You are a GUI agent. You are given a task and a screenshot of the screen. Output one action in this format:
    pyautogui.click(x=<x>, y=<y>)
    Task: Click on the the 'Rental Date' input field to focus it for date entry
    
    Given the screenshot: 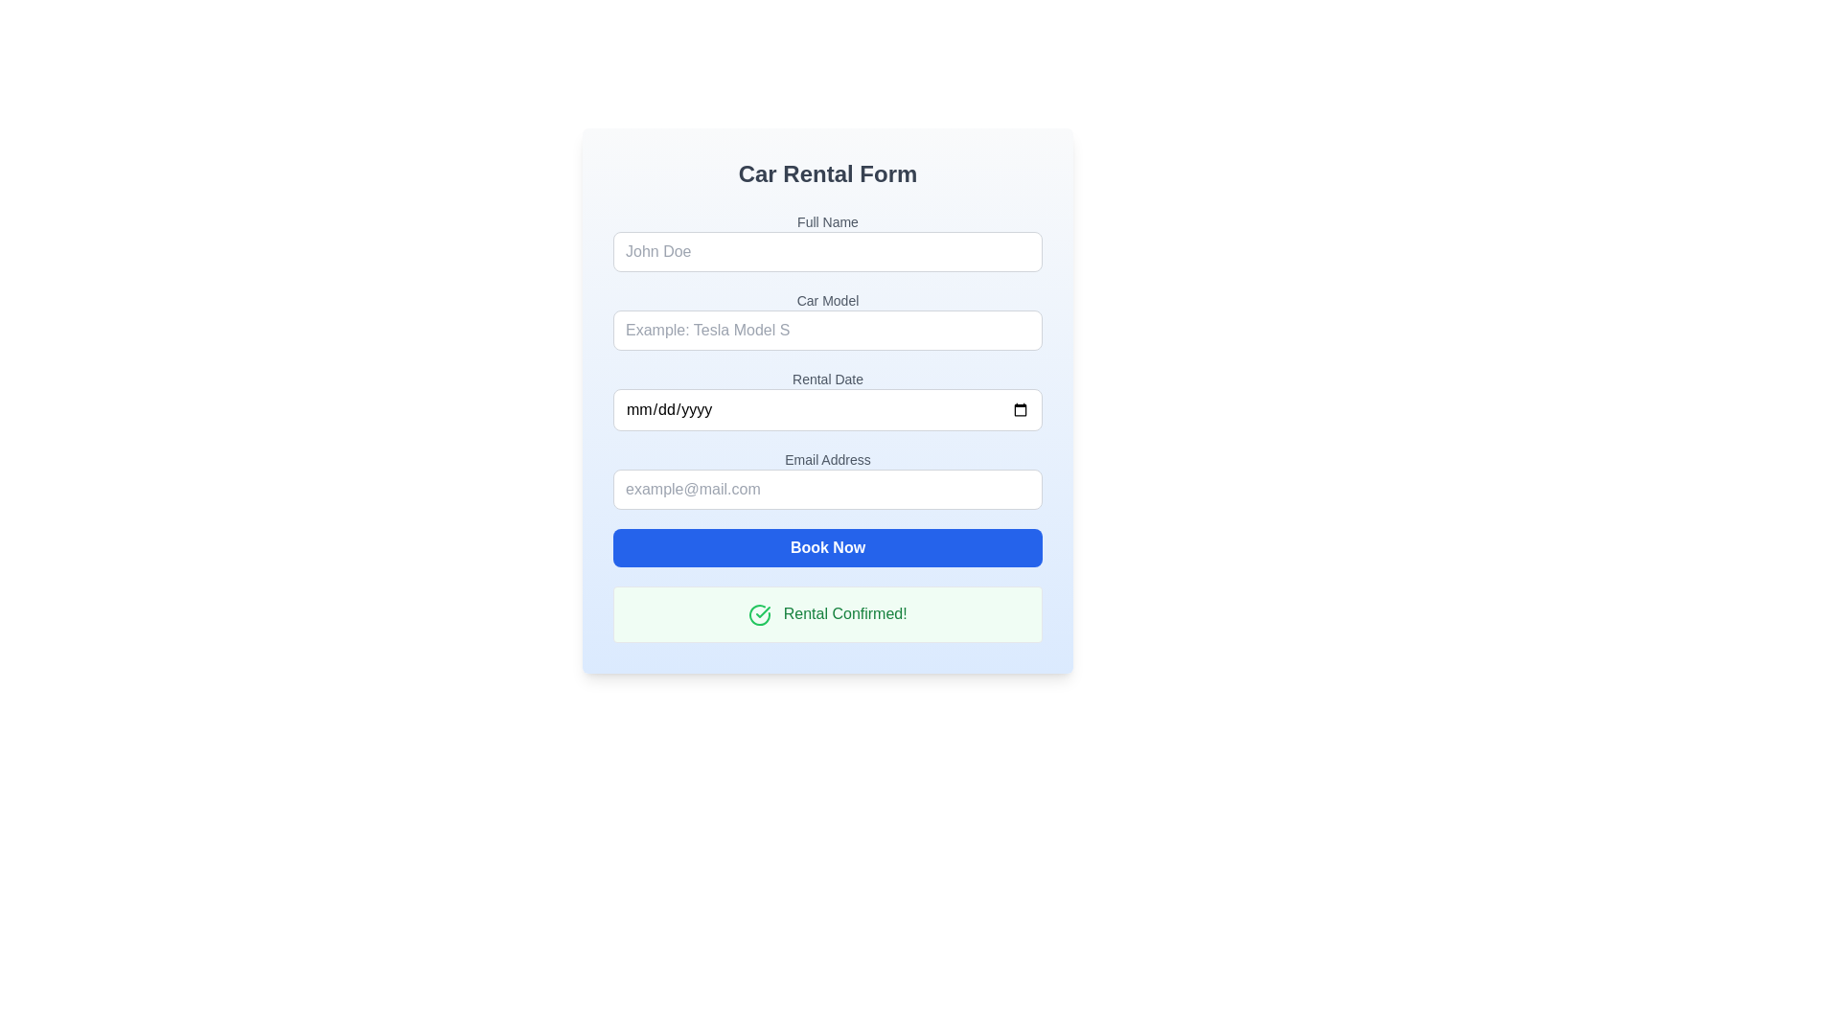 What is the action you would take?
    pyautogui.click(x=828, y=399)
    